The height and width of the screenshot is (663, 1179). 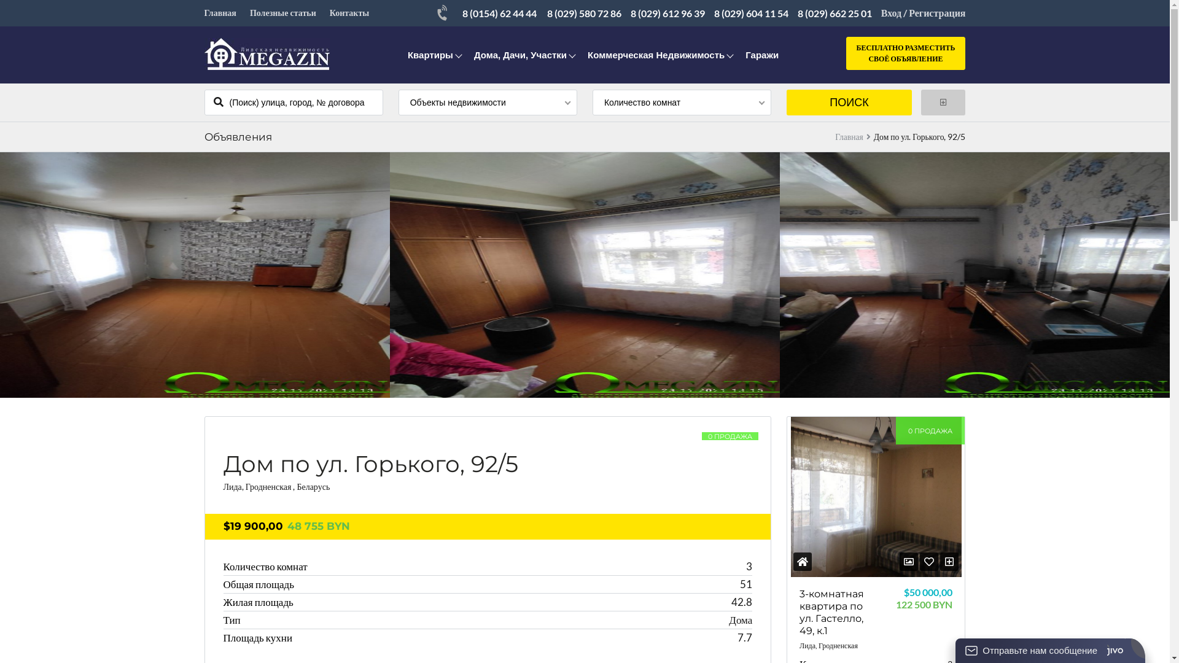 What do you see at coordinates (835, 13) in the screenshot?
I see `'8 (029) 662 25 01'` at bounding box center [835, 13].